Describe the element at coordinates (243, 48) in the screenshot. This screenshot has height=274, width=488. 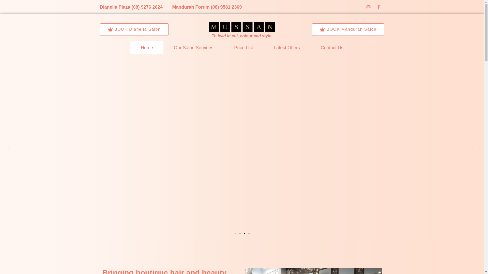
I see `'Price List'` at that location.